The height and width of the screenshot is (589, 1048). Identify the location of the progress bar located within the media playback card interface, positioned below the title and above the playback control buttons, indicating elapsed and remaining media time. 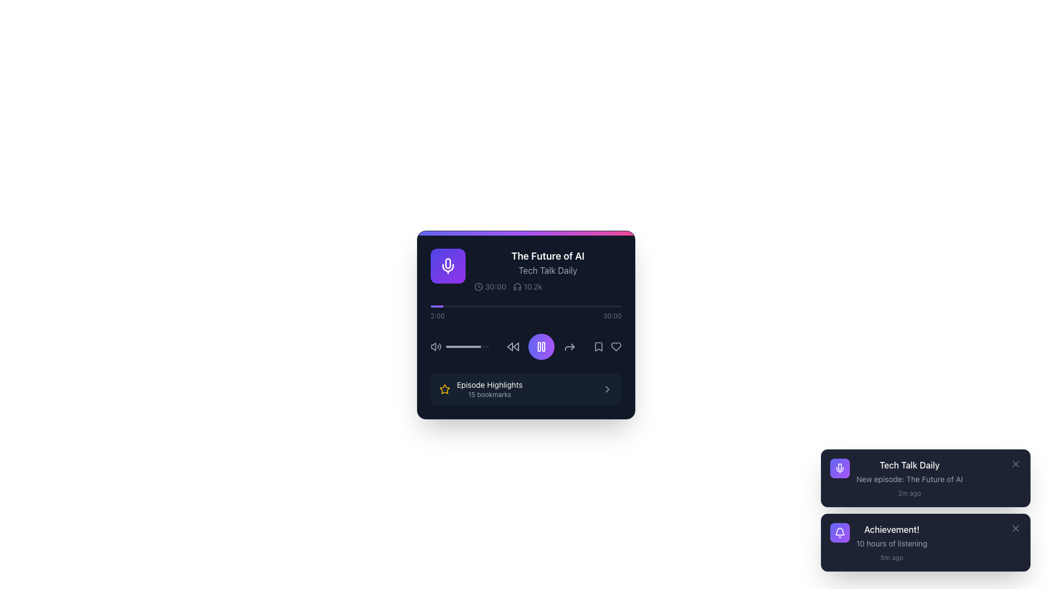
(526, 306).